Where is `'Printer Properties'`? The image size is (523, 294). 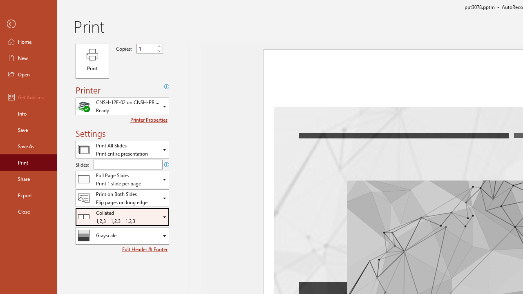
'Printer Properties' is located at coordinates (150, 120).